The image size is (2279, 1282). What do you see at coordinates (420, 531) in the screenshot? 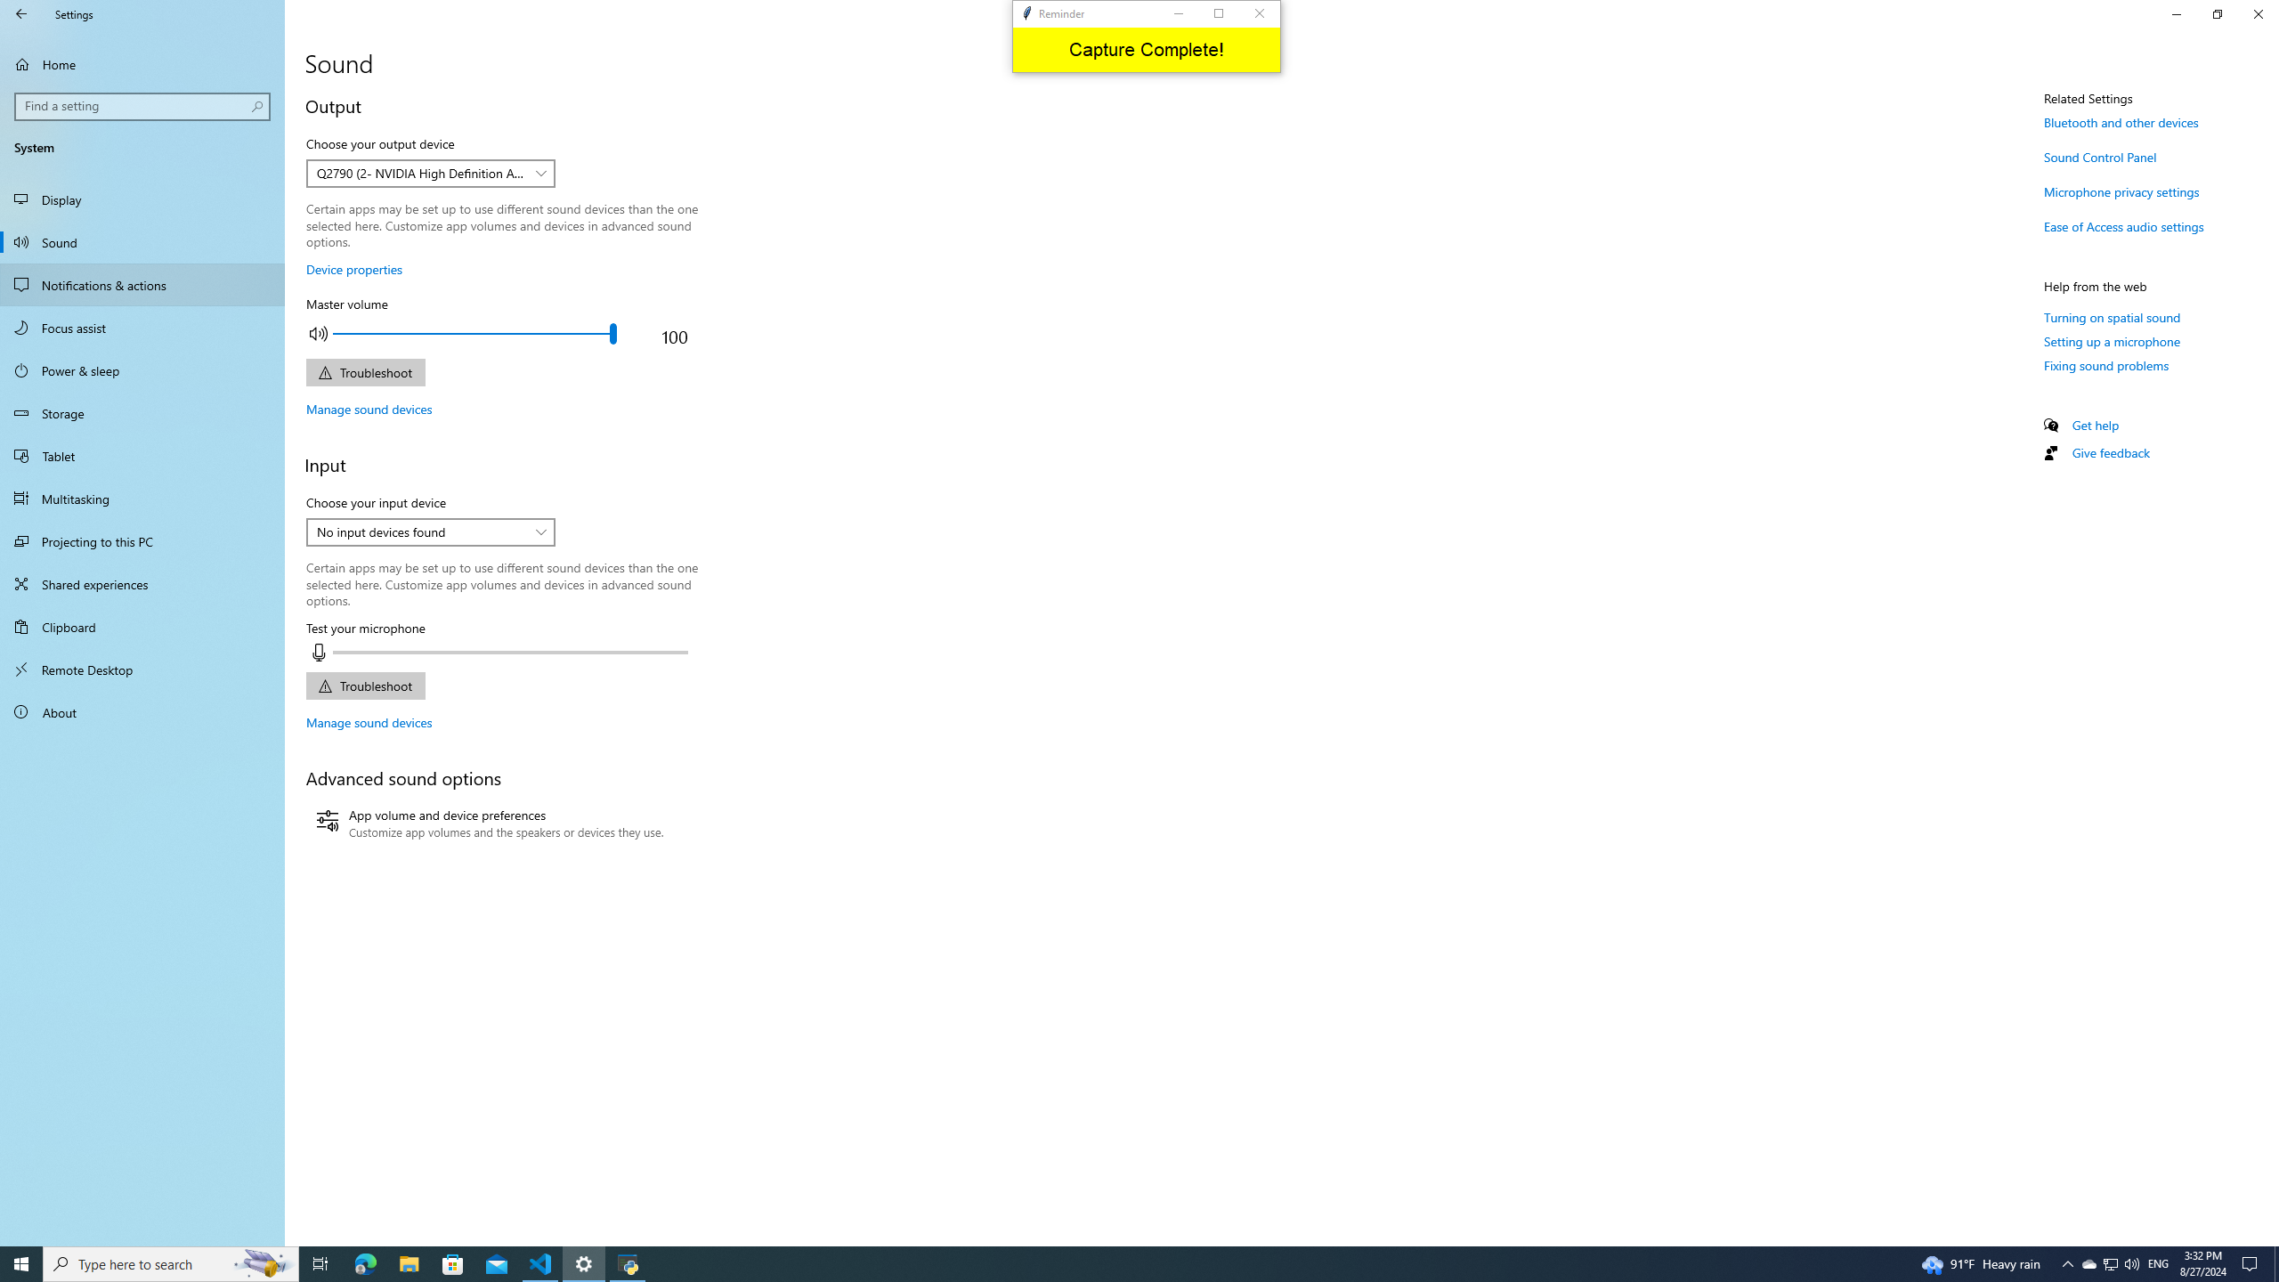
I see `'No input devices found'` at bounding box center [420, 531].